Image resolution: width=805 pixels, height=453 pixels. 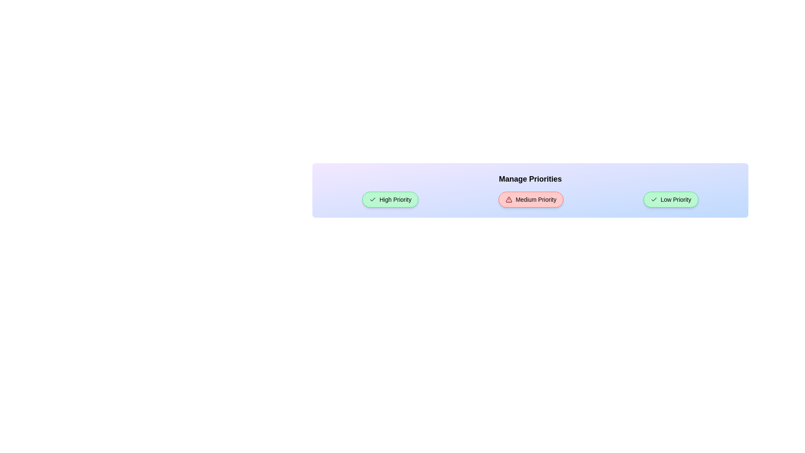 I want to click on the button corresponding to Low Priority to toggle its state and observe the transition effect, so click(x=671, y=199).